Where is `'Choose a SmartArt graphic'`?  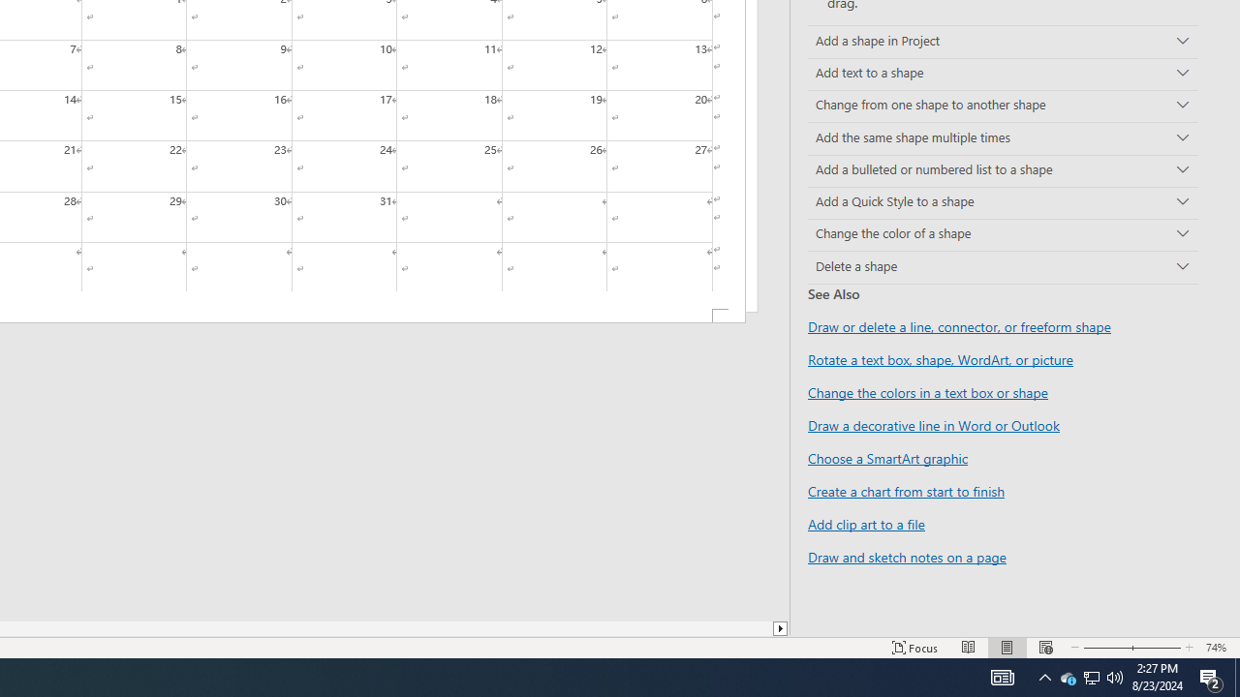 'Choose a SmartArt graphic' is located at coordinates (886, 458).